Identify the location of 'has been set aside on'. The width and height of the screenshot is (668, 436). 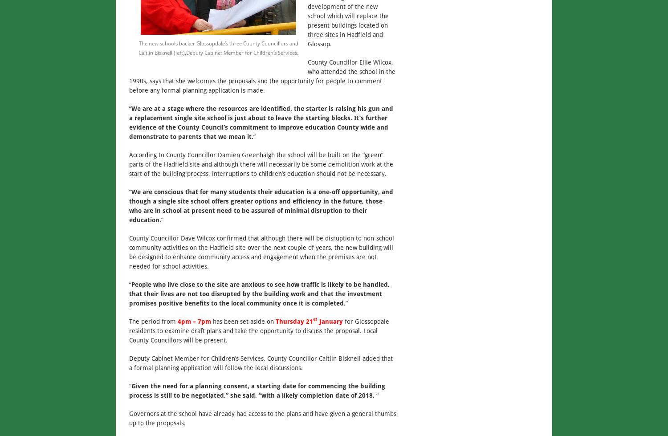
(243, 321).